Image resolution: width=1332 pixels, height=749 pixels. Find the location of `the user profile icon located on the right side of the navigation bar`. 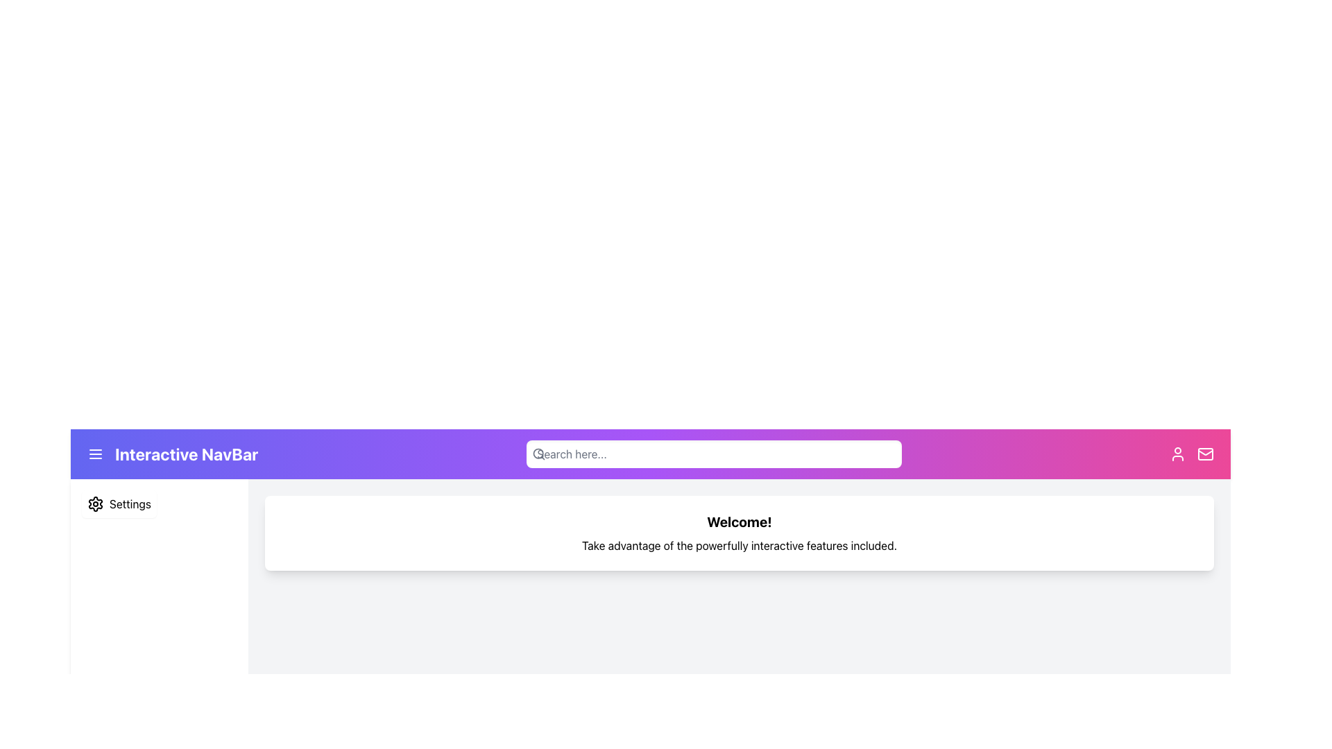

the user profile icon located on the right side of the navigation bar is located at coordinates (1177, 454).